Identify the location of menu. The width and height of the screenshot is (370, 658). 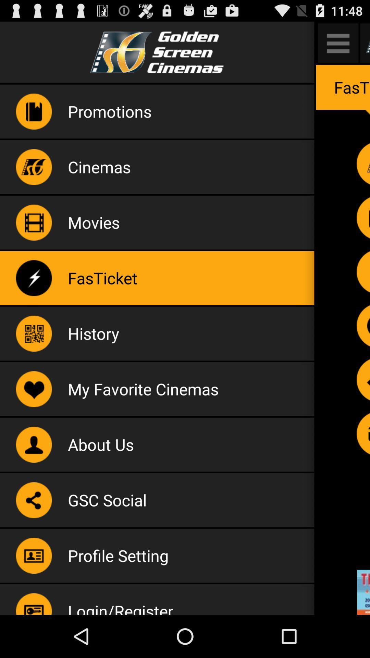
(338, 42).